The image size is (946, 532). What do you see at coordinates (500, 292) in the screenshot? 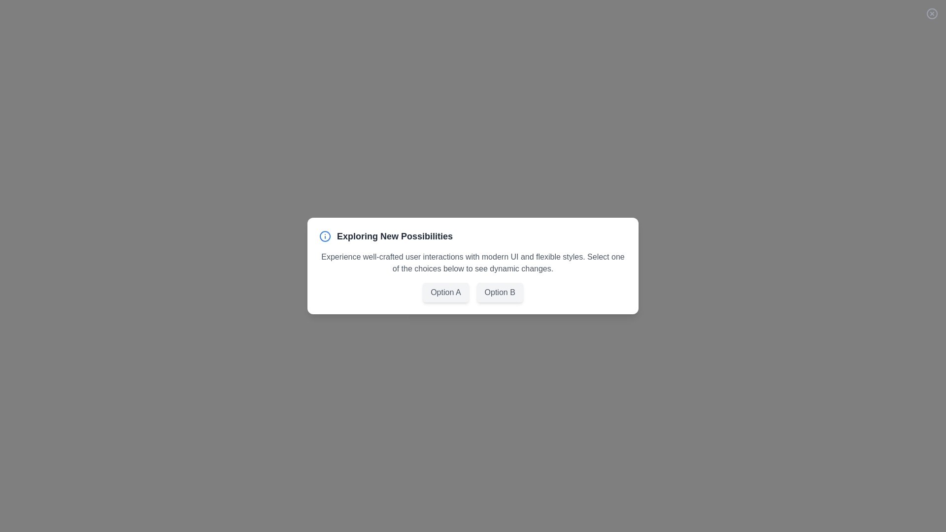
I see `the Option B button to select it` at bounding box center [500, 292].